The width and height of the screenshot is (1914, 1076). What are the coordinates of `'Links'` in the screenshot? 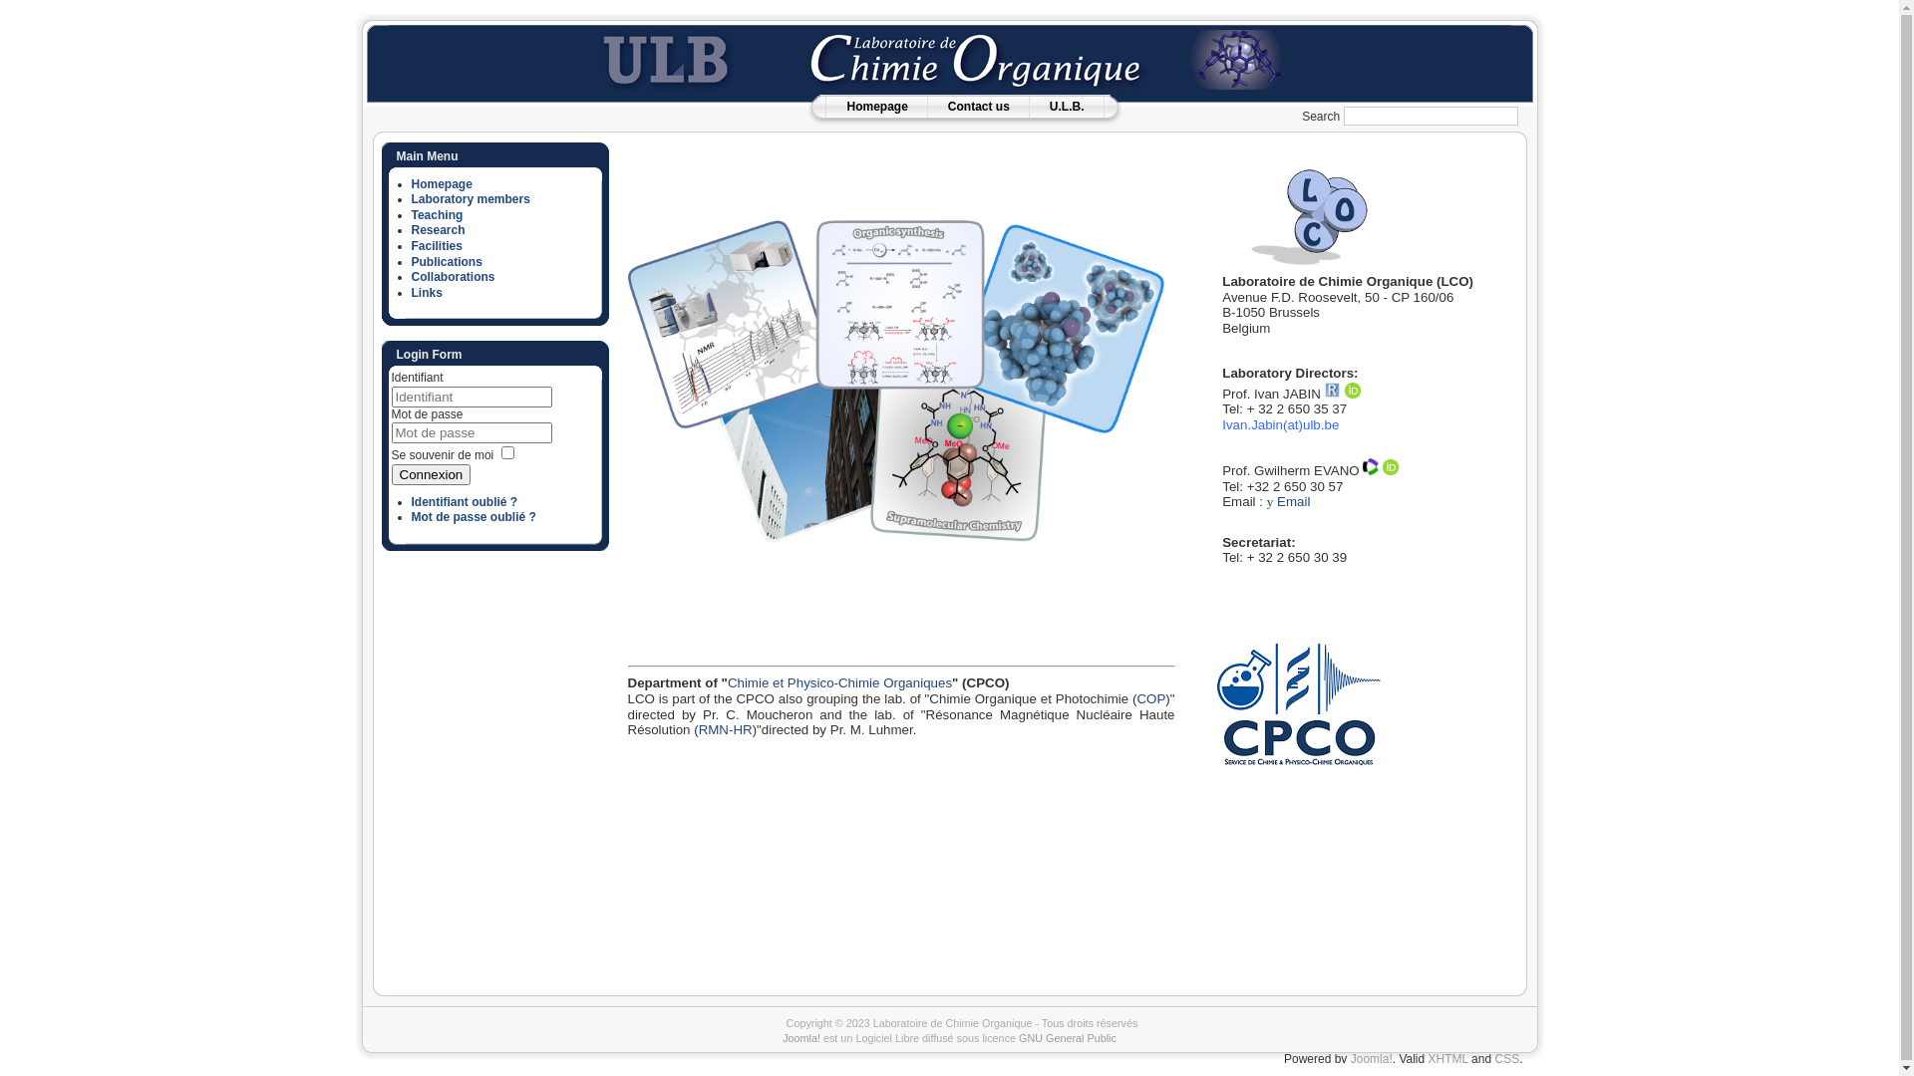 It's located at (410, 292).